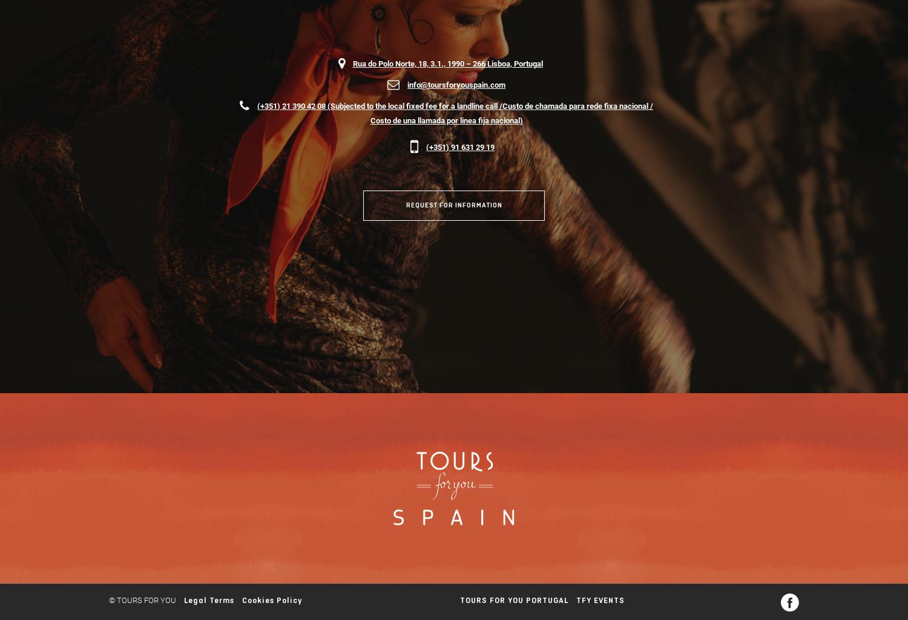 This screenshot has width=908, height=620. I want to click on 'info@toursforyouspain.com', so click(456, 84).